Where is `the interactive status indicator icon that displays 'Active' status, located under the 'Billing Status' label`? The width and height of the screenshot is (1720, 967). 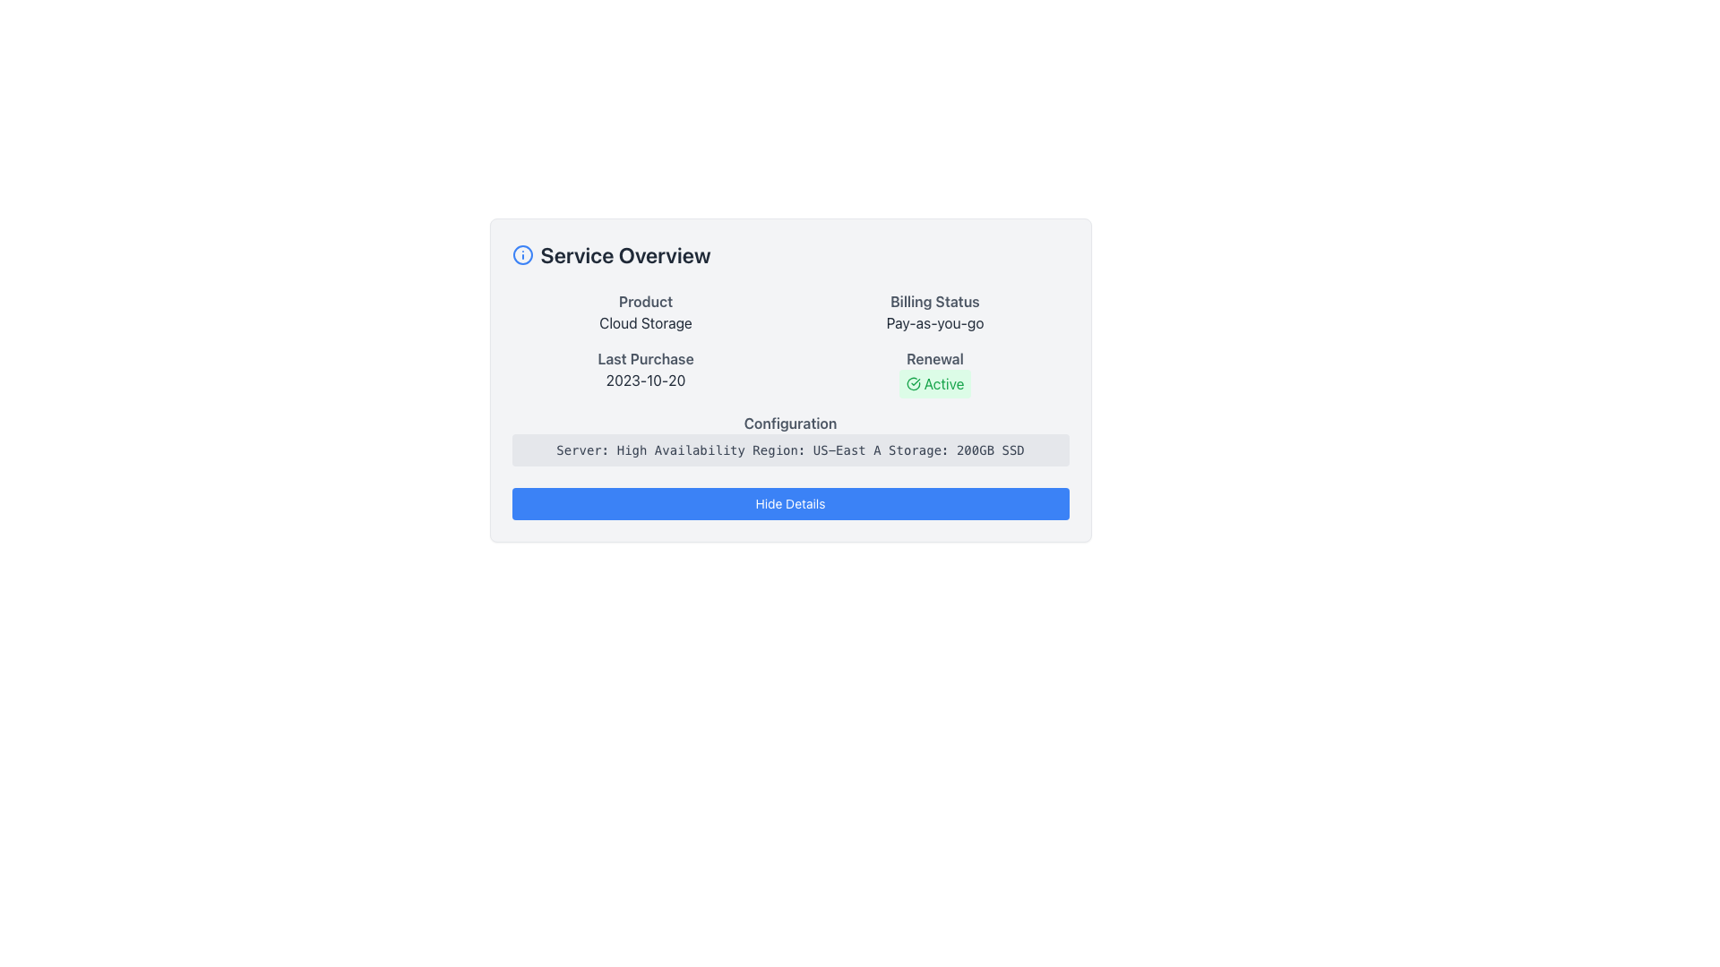
the interactive status indicator icon that displays 'Active' status, located under the 'Billing Status' label is located at coordinates (933, 372).